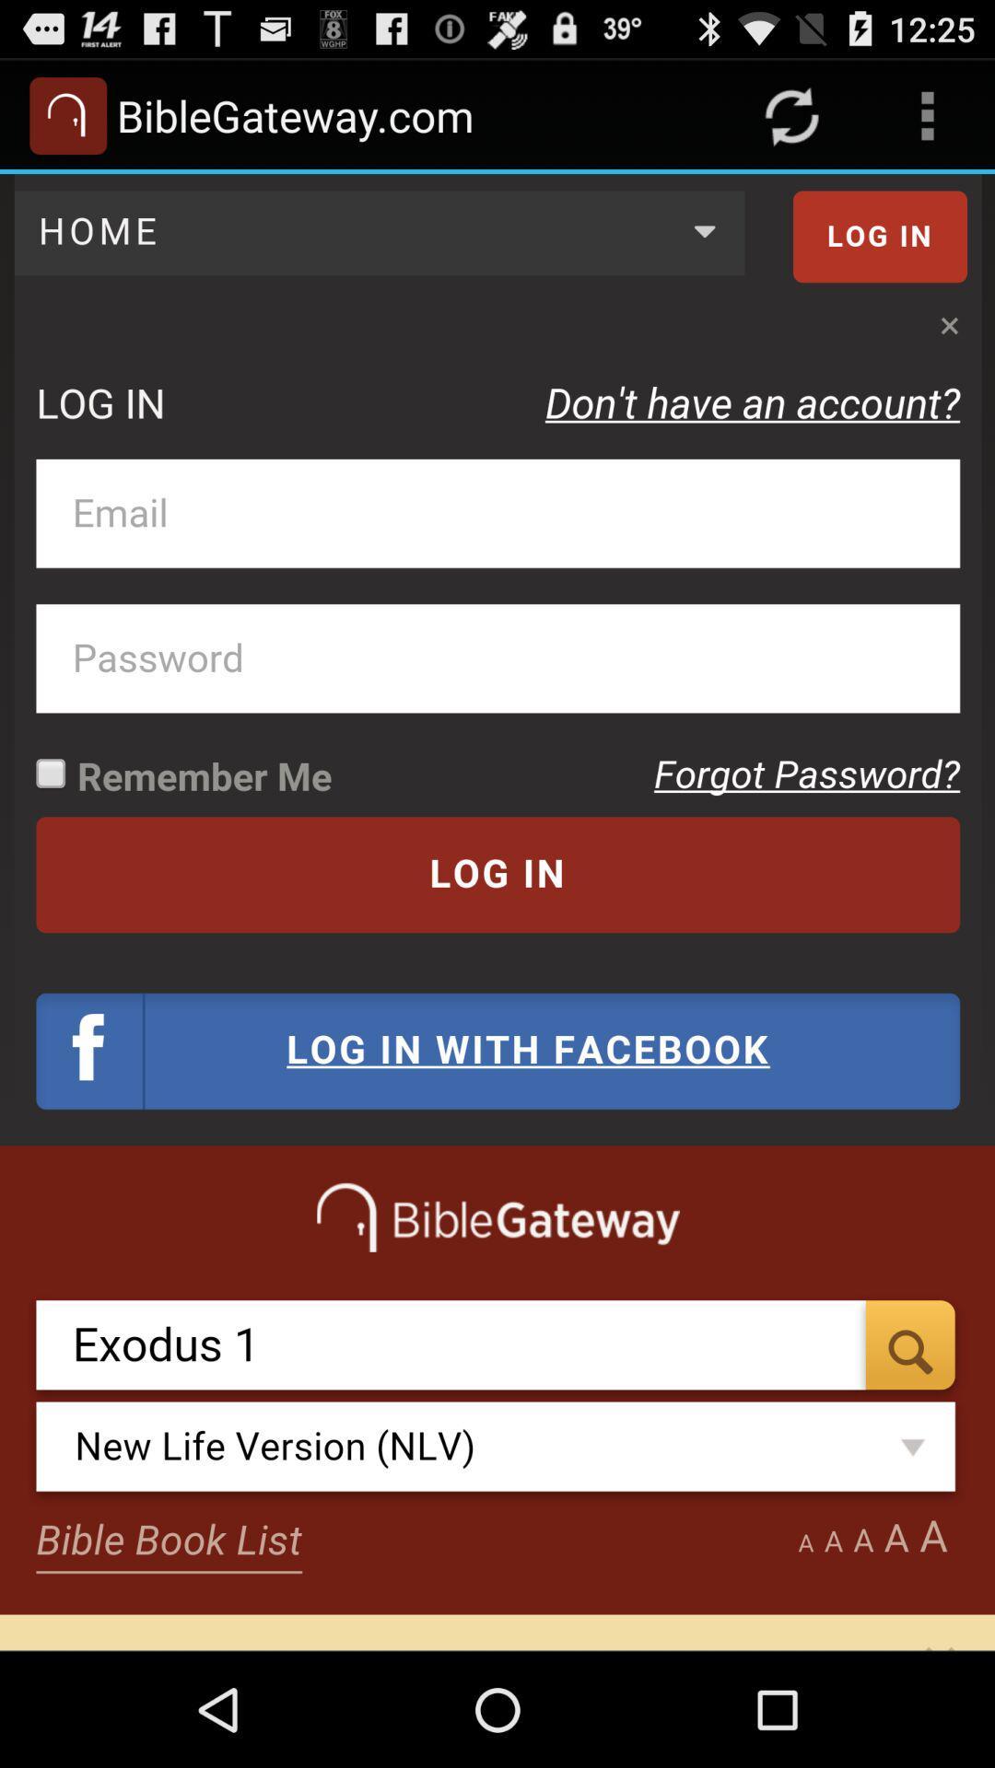 Image resolution: width=995 pixels, height=1768 pixels. Describe the element at coordinates (497, 912) in the screenshot. I see `fill in the forms and log in` at that location.